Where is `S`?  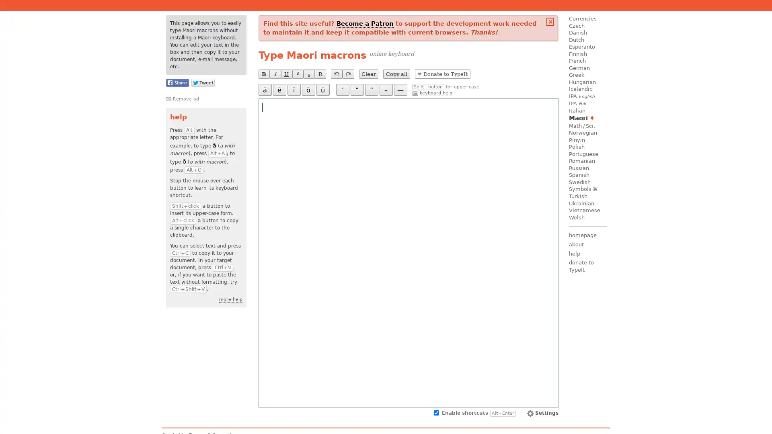 S is located at coordinates (297, 74).